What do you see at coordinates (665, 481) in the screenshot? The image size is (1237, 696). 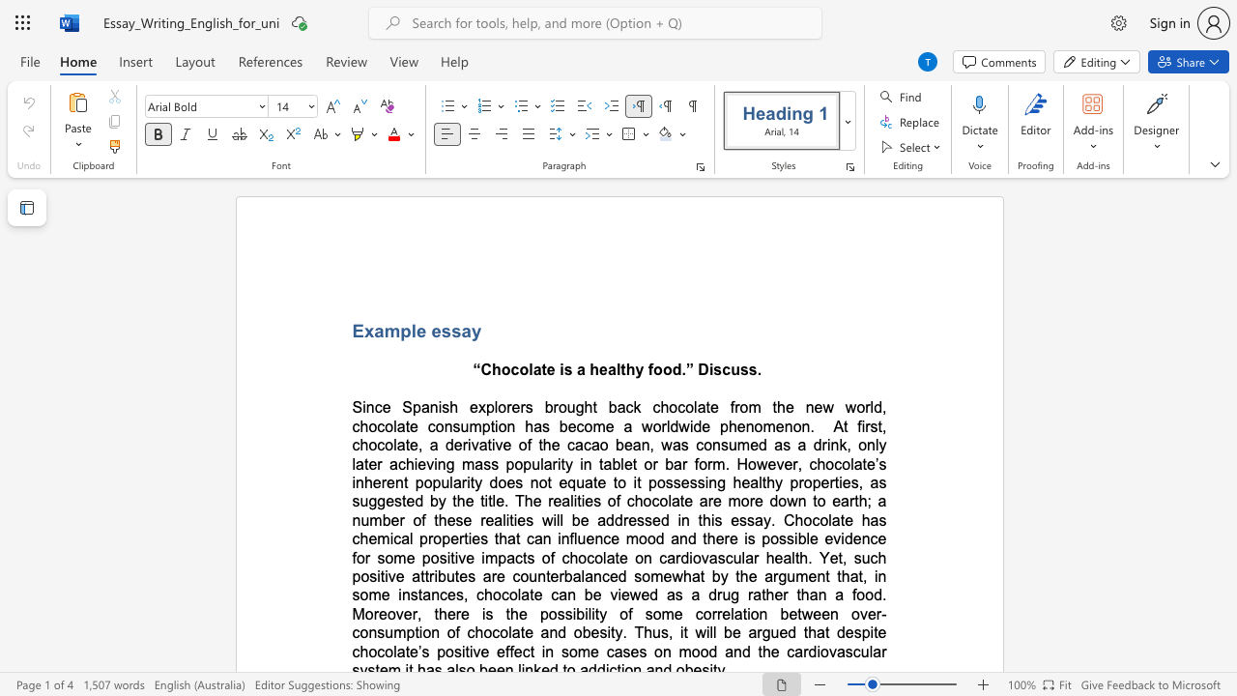 I see `the space between the continuous character "o" and "s" in the text` at bounding box center [665, 481].